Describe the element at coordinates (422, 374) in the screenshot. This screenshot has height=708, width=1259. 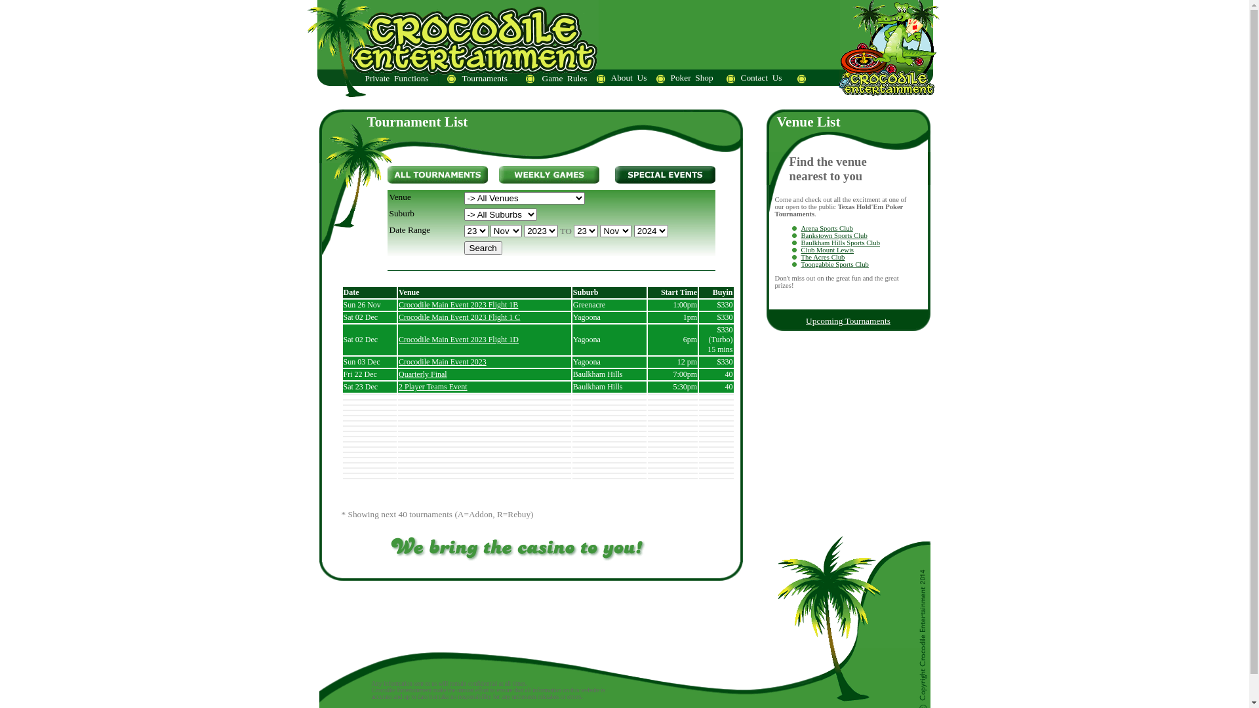
I see `'Quarterly Final'` at that location.